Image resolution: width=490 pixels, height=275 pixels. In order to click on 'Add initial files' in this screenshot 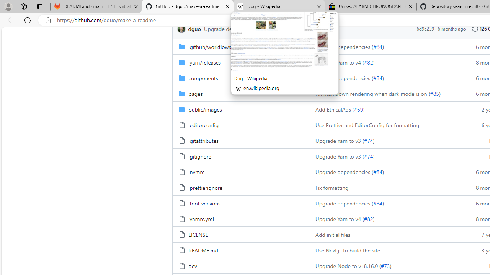, I will do `click(333, 234)`.